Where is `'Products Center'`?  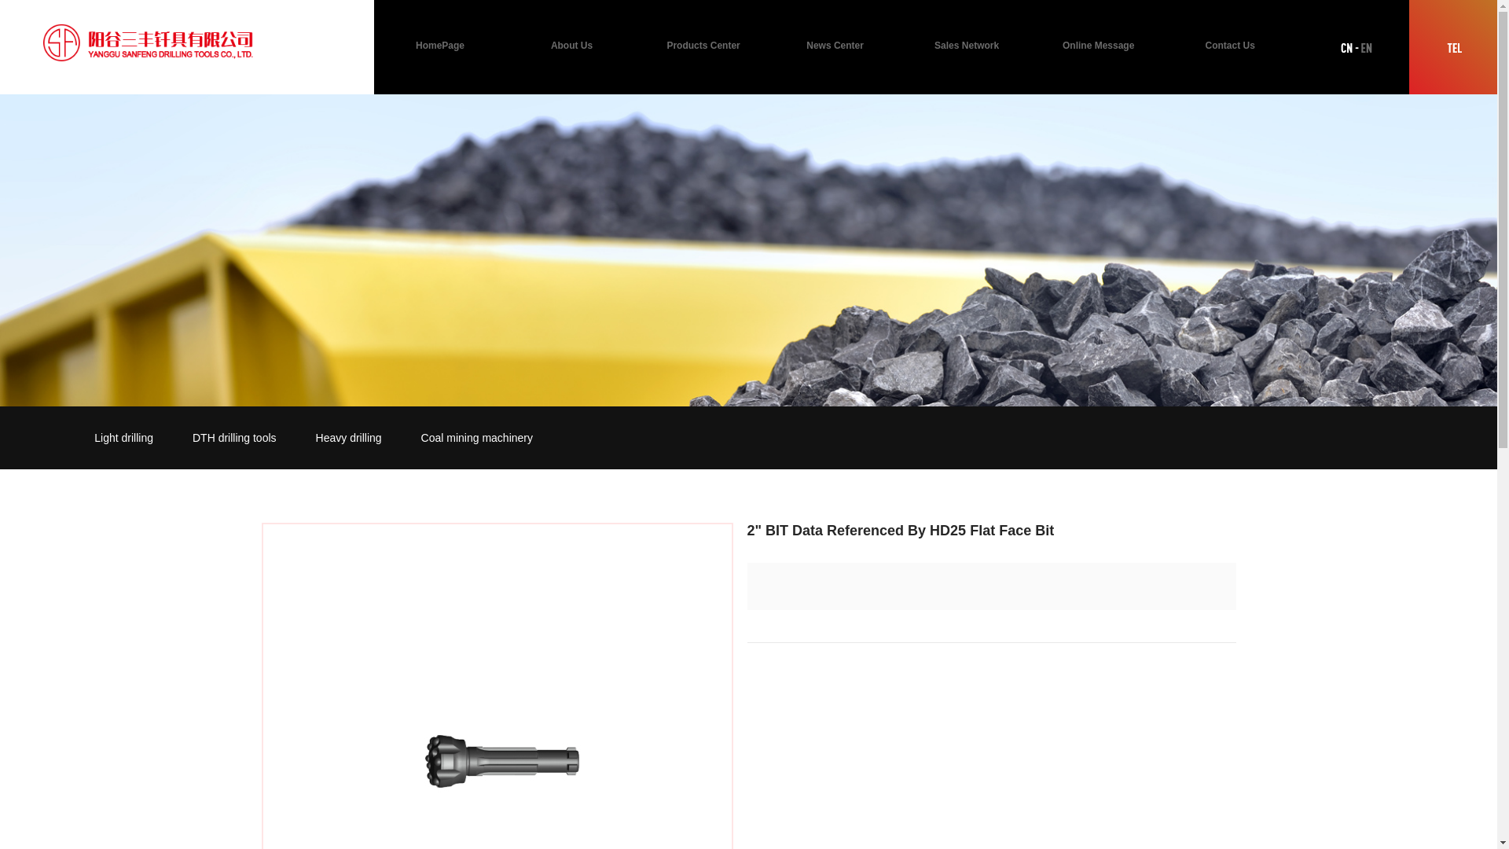 'Products Center' is located at coordinates (702, 45).